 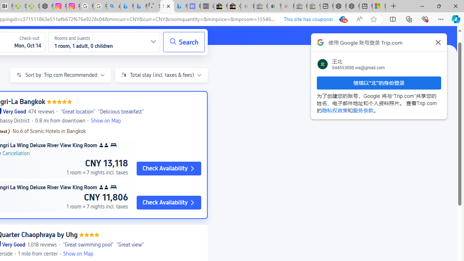 I want to click on 'Yard, Garden & Outdoor Living - Sleeping', so click(x=314, y=6).